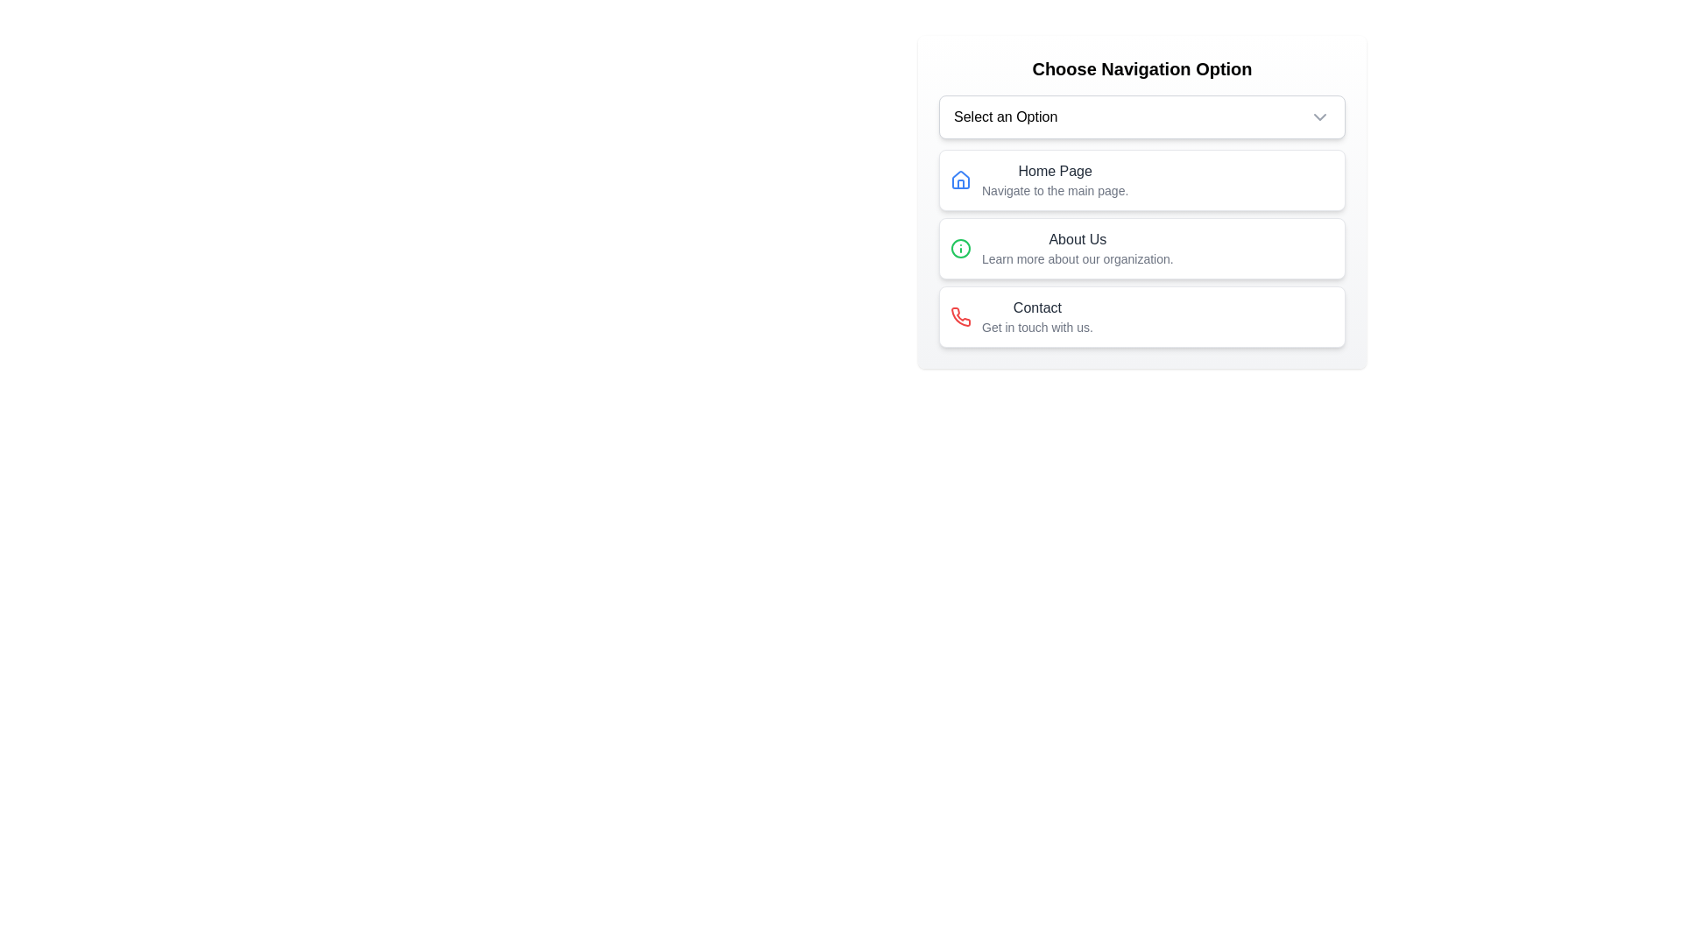  What do you see at coordinates (1077, 249) in the screenshot?
I see `the 'About Us' text label` at bounding box center [1077, 249].